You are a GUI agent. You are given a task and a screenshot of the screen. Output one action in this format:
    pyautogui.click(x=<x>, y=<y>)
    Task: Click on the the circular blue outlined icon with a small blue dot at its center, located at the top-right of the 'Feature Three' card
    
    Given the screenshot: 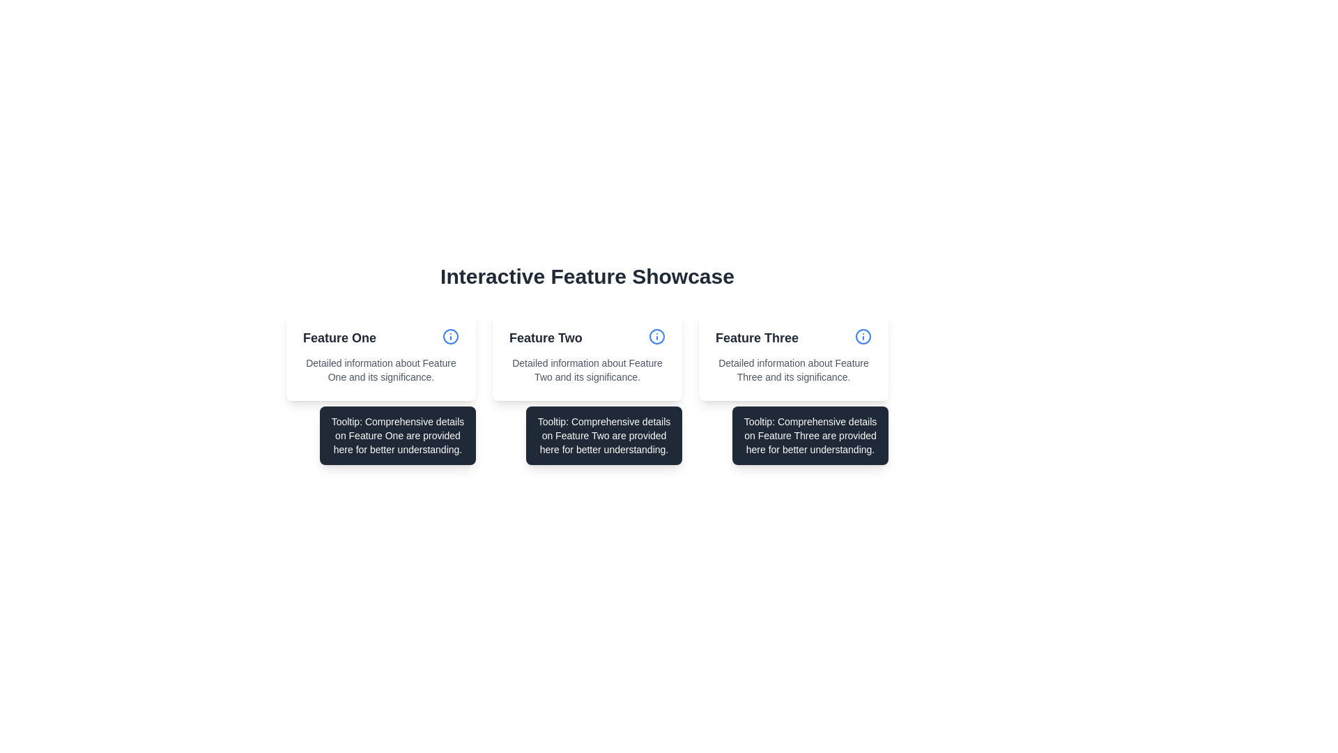 What is the action you would take?
    pyautogui.click(x=862, y=336)
    